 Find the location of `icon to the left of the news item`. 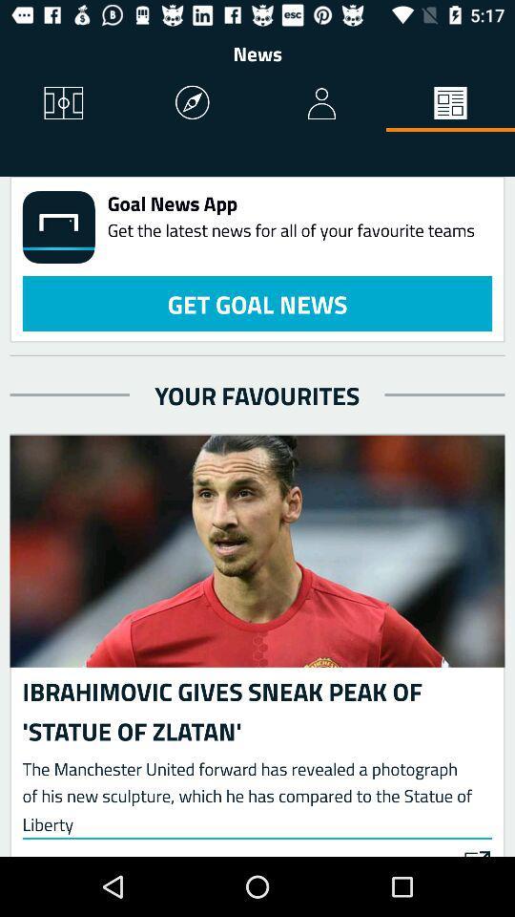

icon to the left of the news item is located at coordinates (64, 104).